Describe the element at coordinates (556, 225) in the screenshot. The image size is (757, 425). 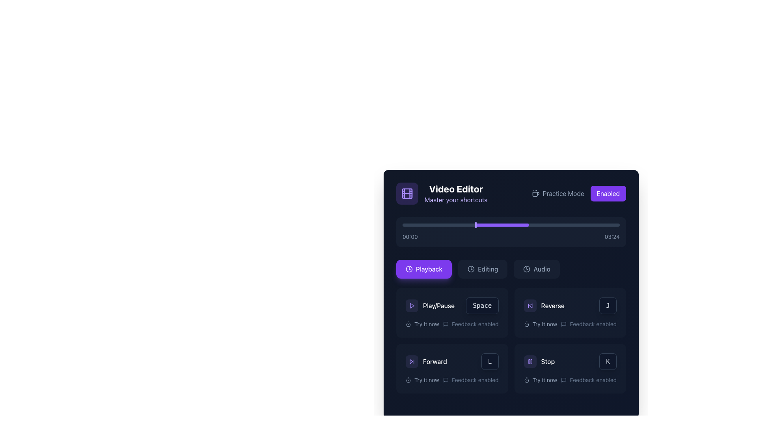
I see `the playback time` at that location.